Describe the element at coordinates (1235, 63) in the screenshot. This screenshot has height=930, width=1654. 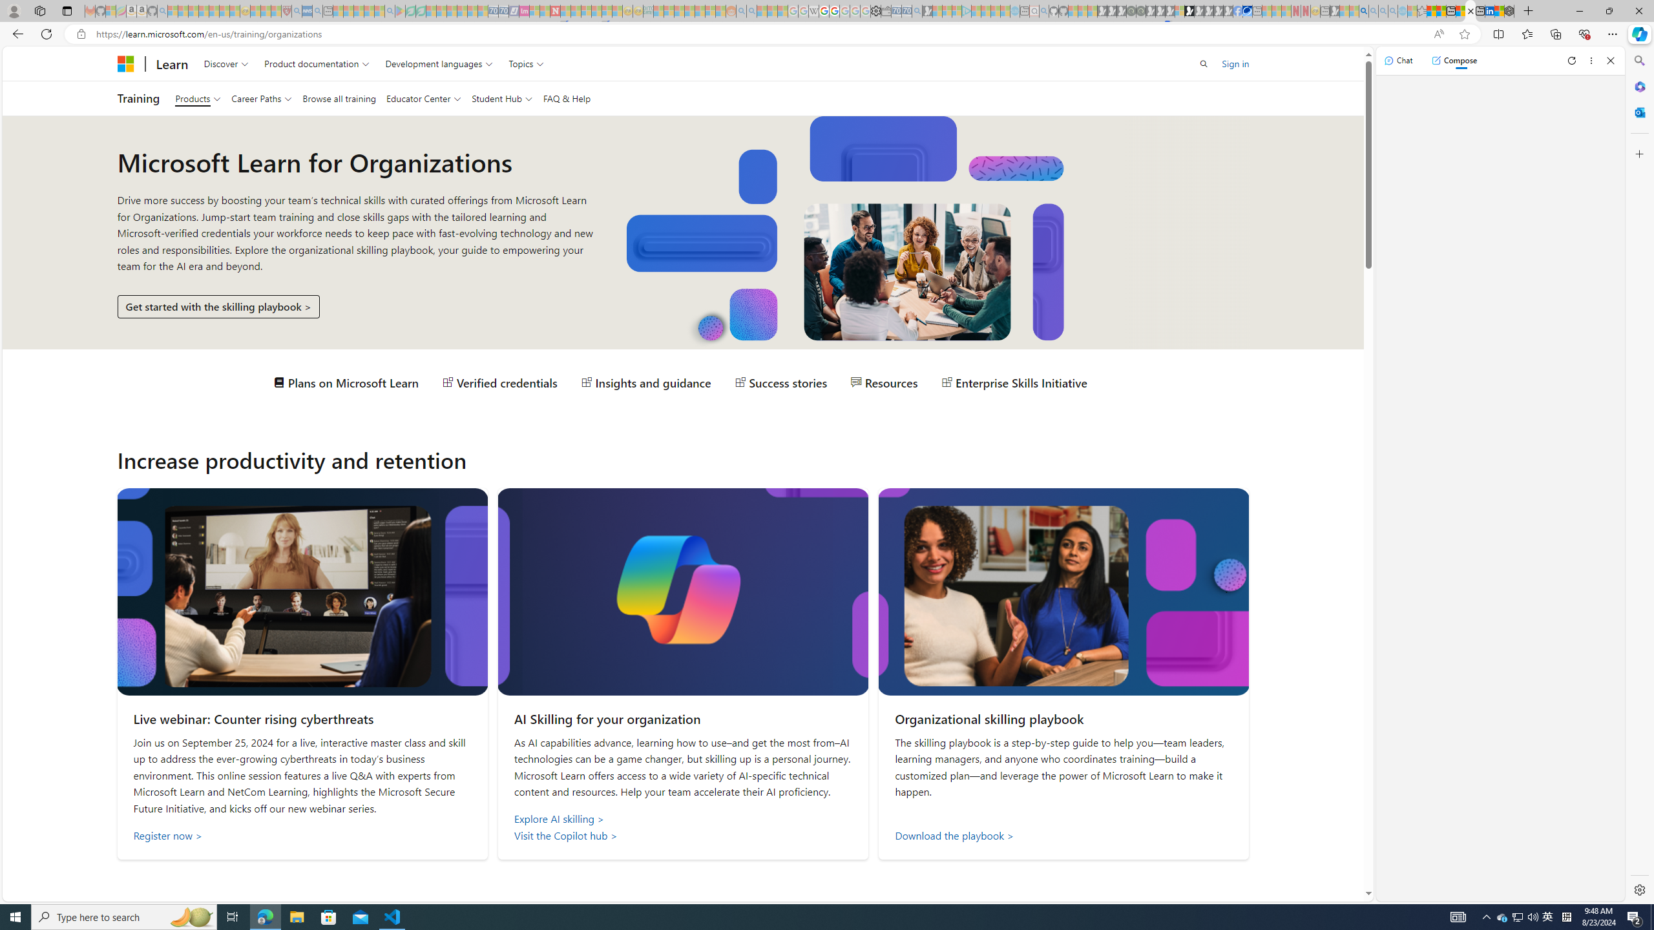
I see `'Sign in'` at that location.